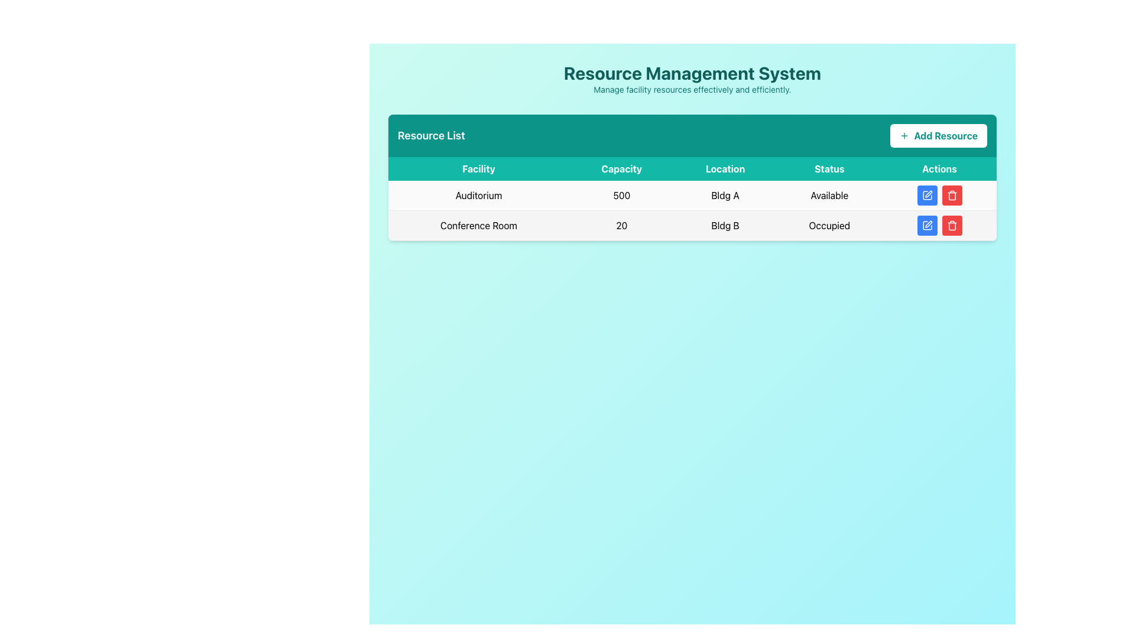 Image resolution: width=1135 pixels, height=638 pixels. Describe the element at coordinates (952, 195) in the screenshot. I see `the delete button located` at that location.